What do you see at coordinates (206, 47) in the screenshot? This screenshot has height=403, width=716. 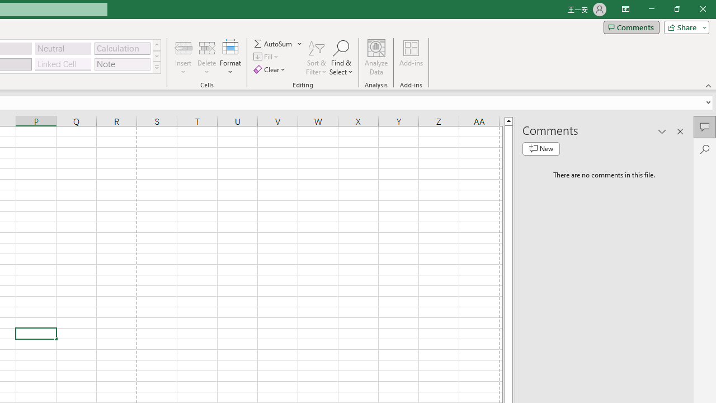 I see `'Delete Cells...'` at bounding box center [206, 47].